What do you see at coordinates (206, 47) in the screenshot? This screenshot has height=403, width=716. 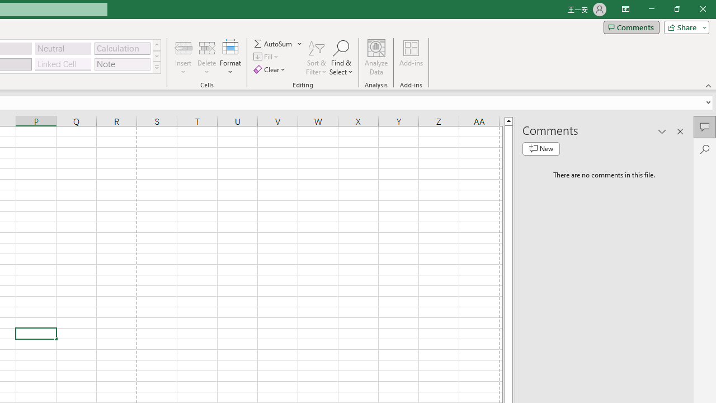 I see `'Delete Cells...'` at bounding box center [206, 47].